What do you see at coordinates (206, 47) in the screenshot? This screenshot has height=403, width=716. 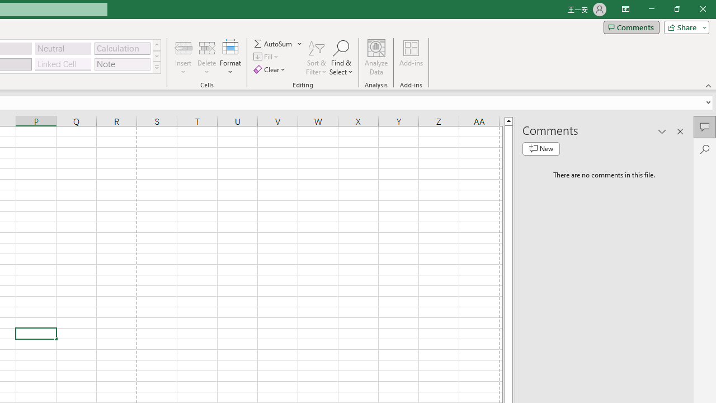 I see `'Delete Cells...'` at bounding box center [206, 47].